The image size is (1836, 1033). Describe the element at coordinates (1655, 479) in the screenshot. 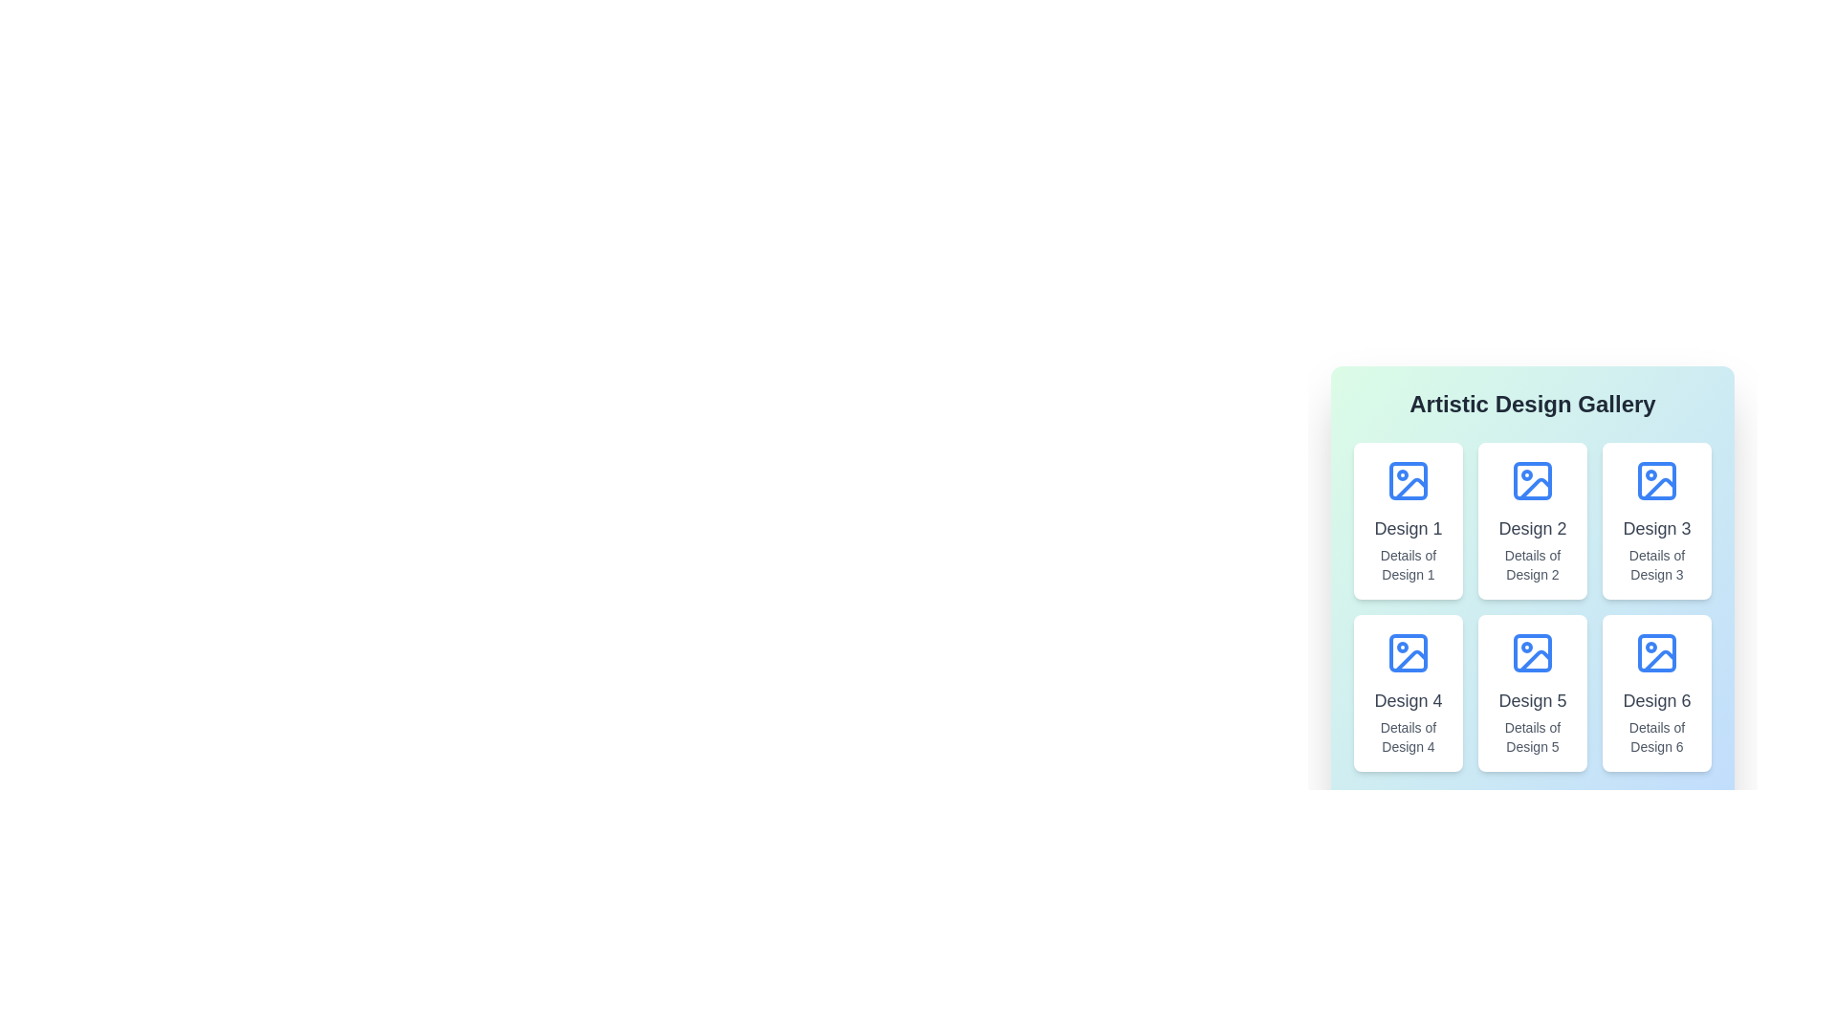

I see `the icon located in the upper right quadrant of the grid, specifically in the third column of the first row, above the text 'Design 3' and 'Details of Design 3'` at that location.